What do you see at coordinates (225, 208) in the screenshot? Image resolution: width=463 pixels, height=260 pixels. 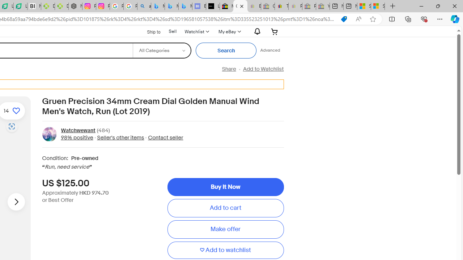 I see `'Add to cart'` at bounding box center [225, 208].